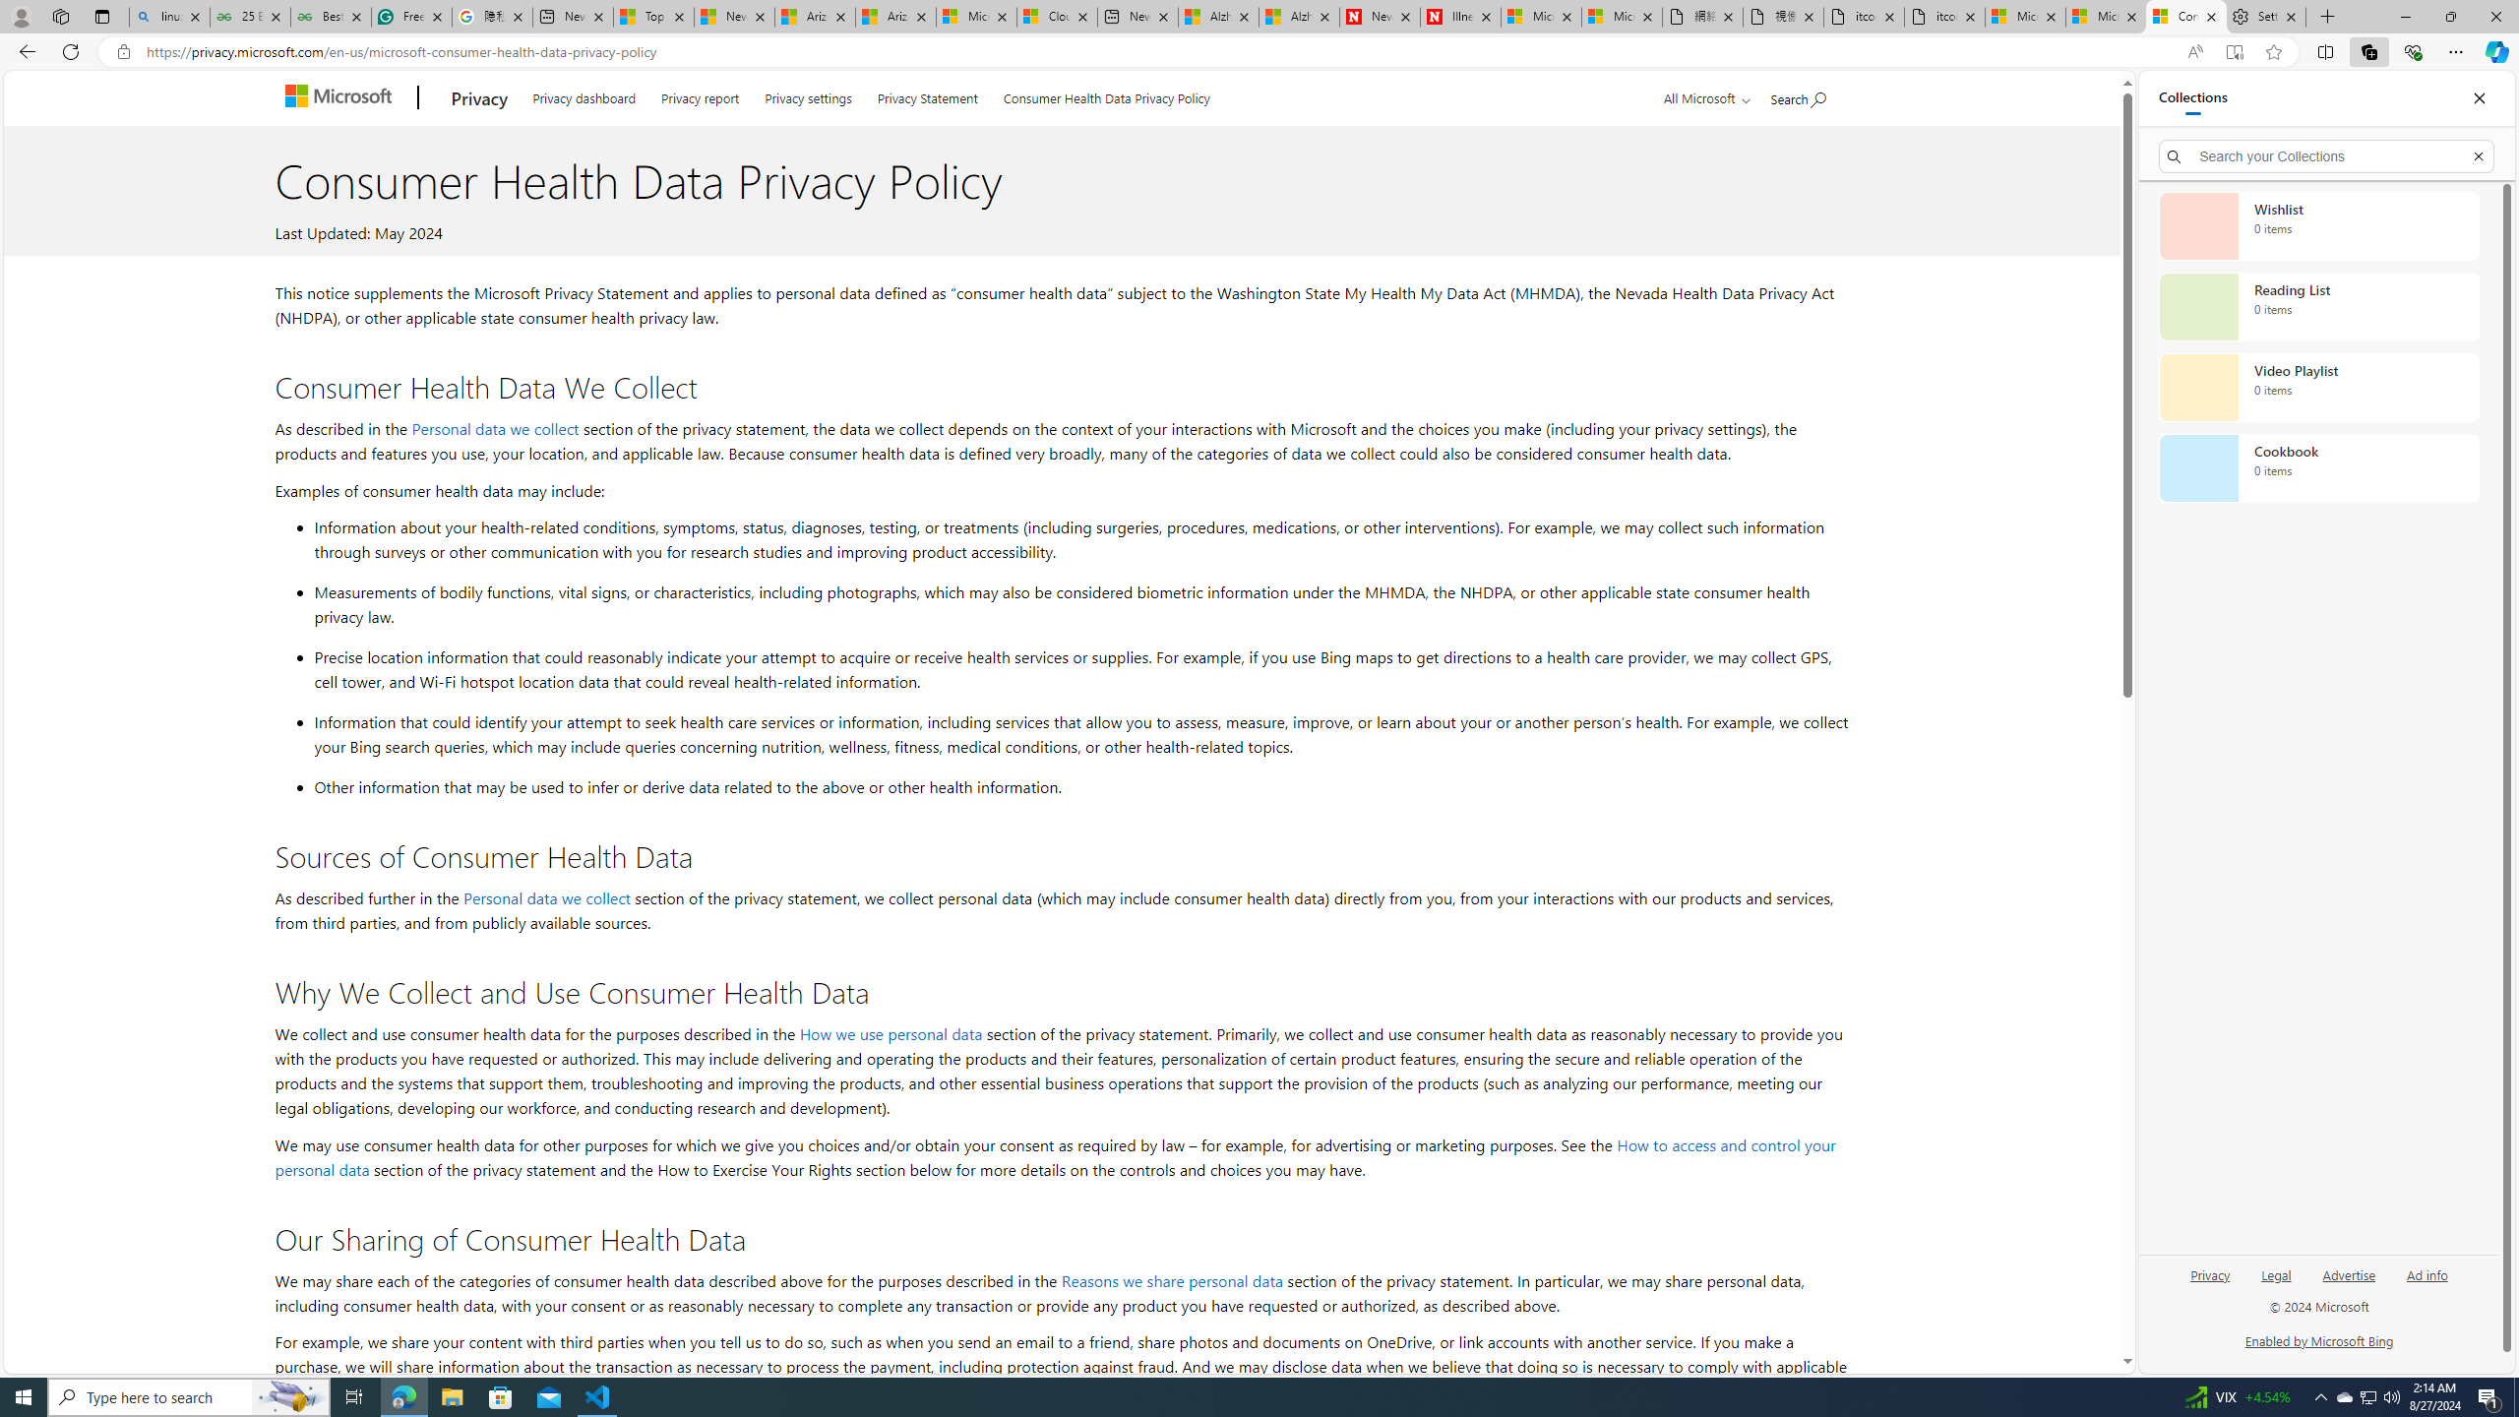 The height and width of the screenshot is (1417, 2519). I want to click on 'linux basic - Search', so click(168, 16).